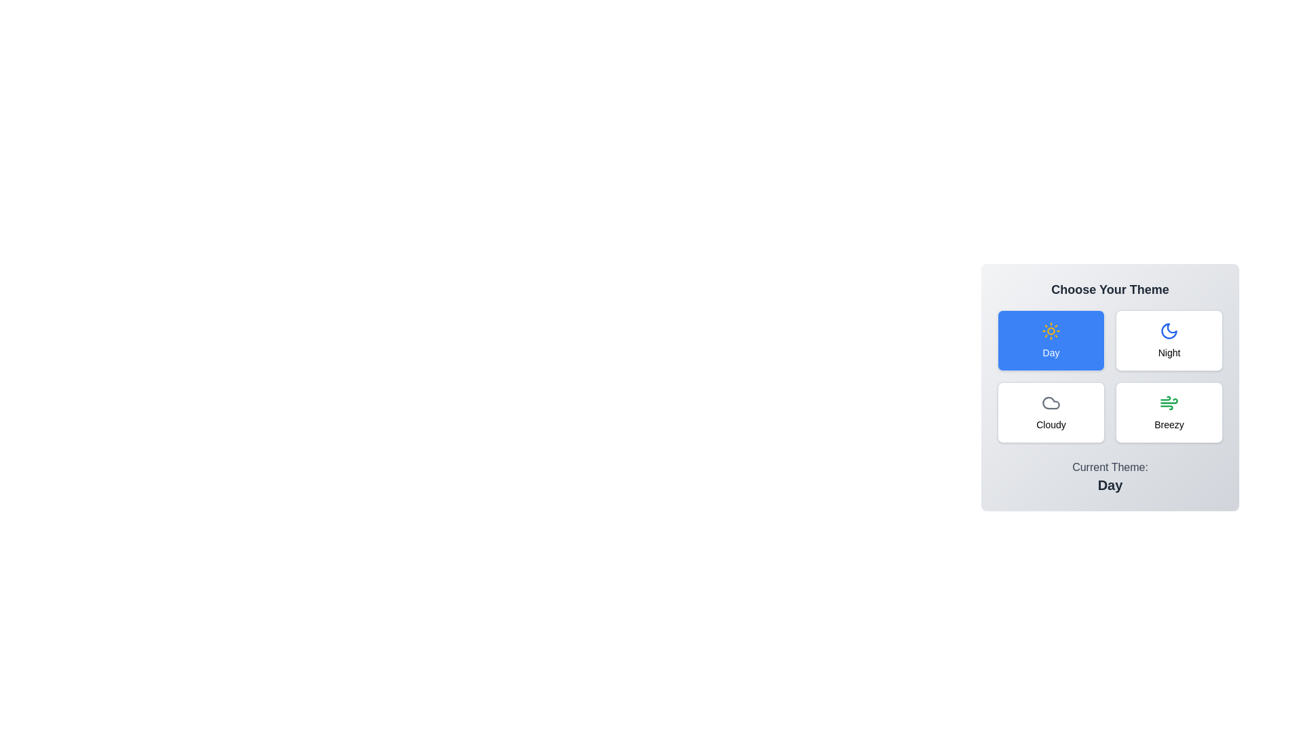 The width and height of the screenshot is (1303, 733). What do you see at coordinates (1169, 339) in the screenshot?
I see `the button corresponding to the theme Night` at bounding box center [1169, 339].